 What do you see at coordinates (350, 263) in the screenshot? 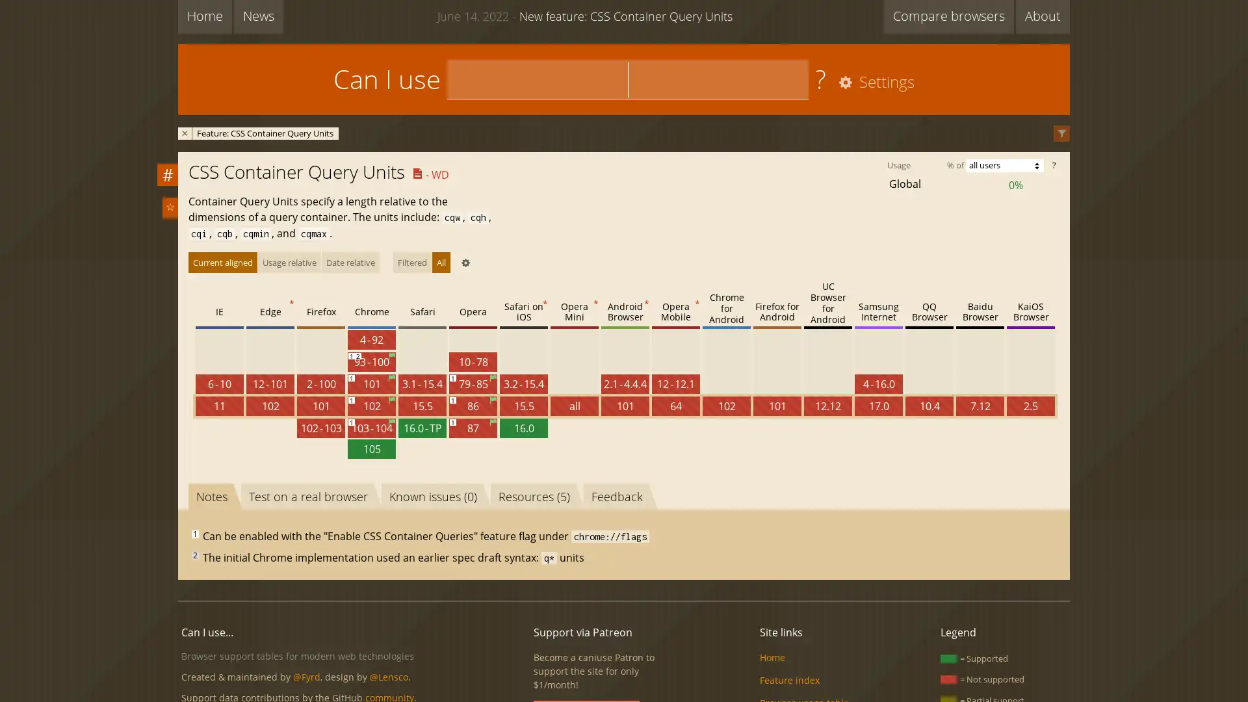
I see `Date relative` at bounding box center [350, 263].